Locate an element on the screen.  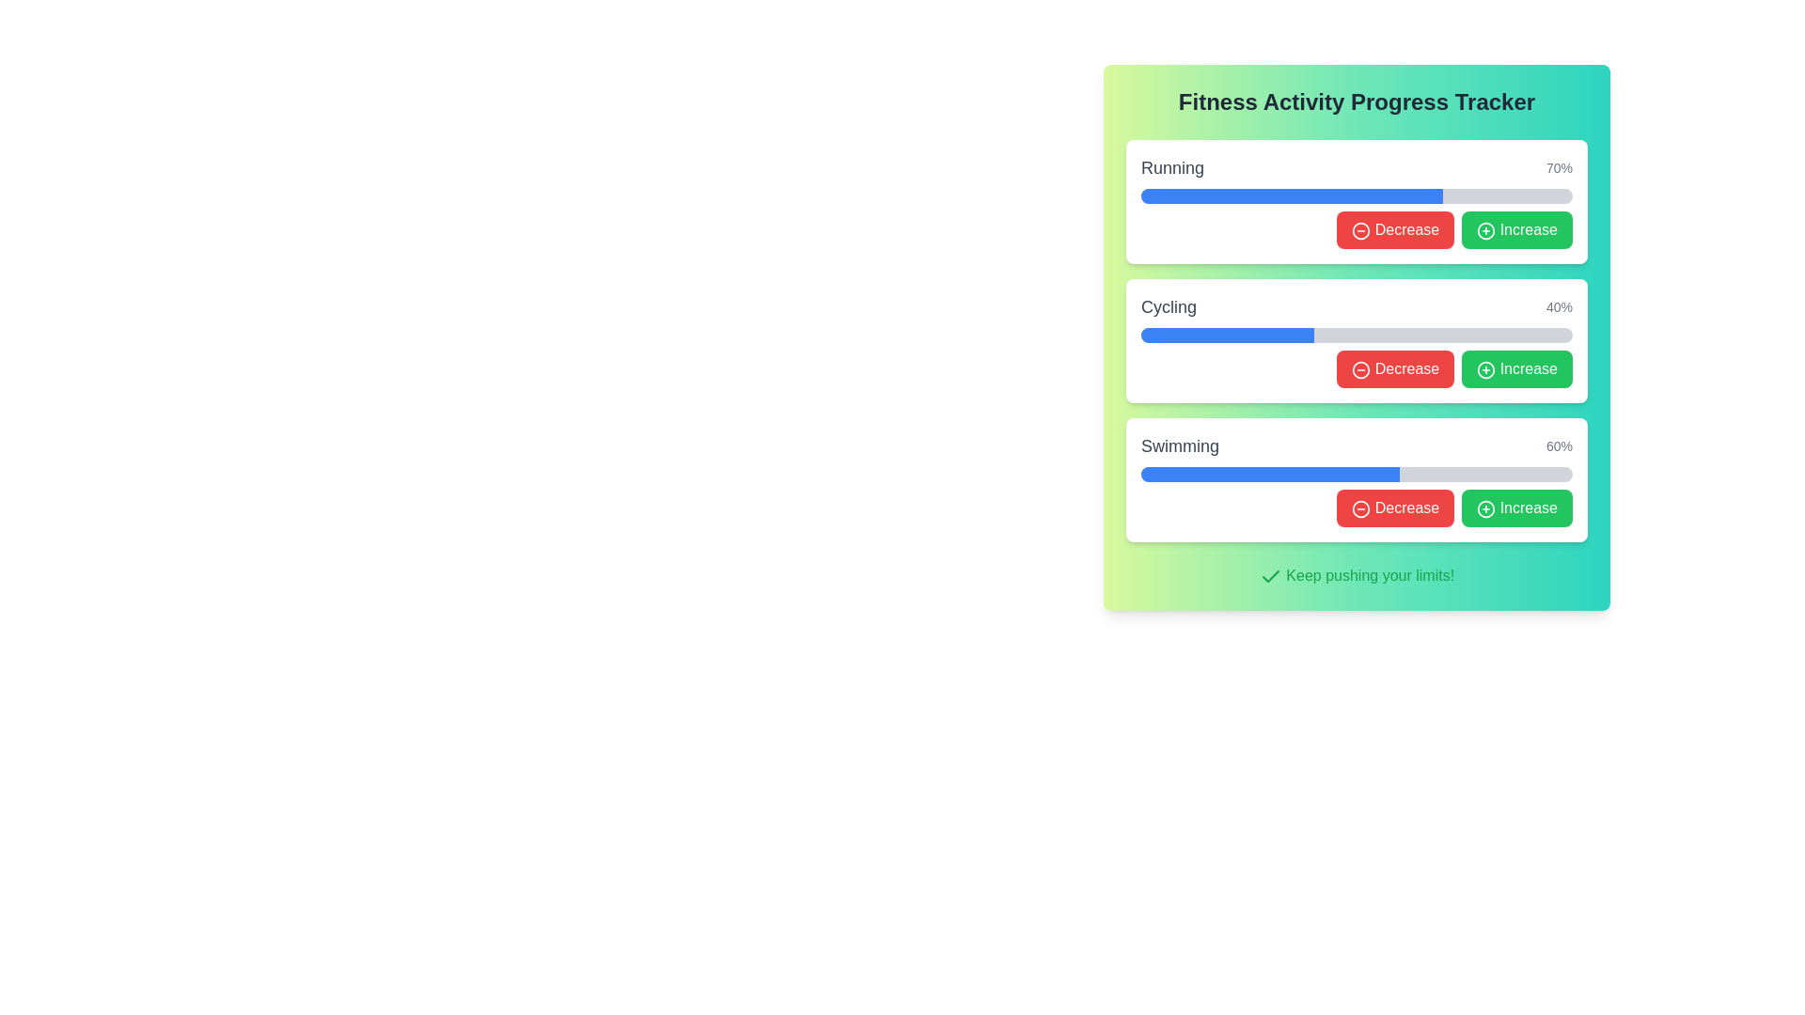
the Decrease button located on the right side of the progress bar is located at coordinates (1395, 229).